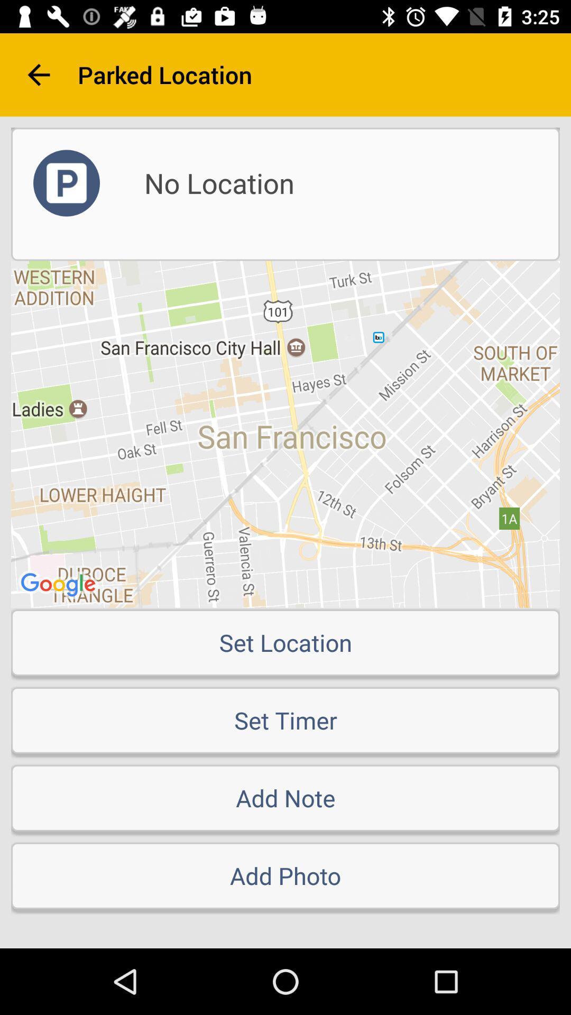  Describe the element at coordinates (285, 719) in the screenshot. I see `the set timer item` at that location.